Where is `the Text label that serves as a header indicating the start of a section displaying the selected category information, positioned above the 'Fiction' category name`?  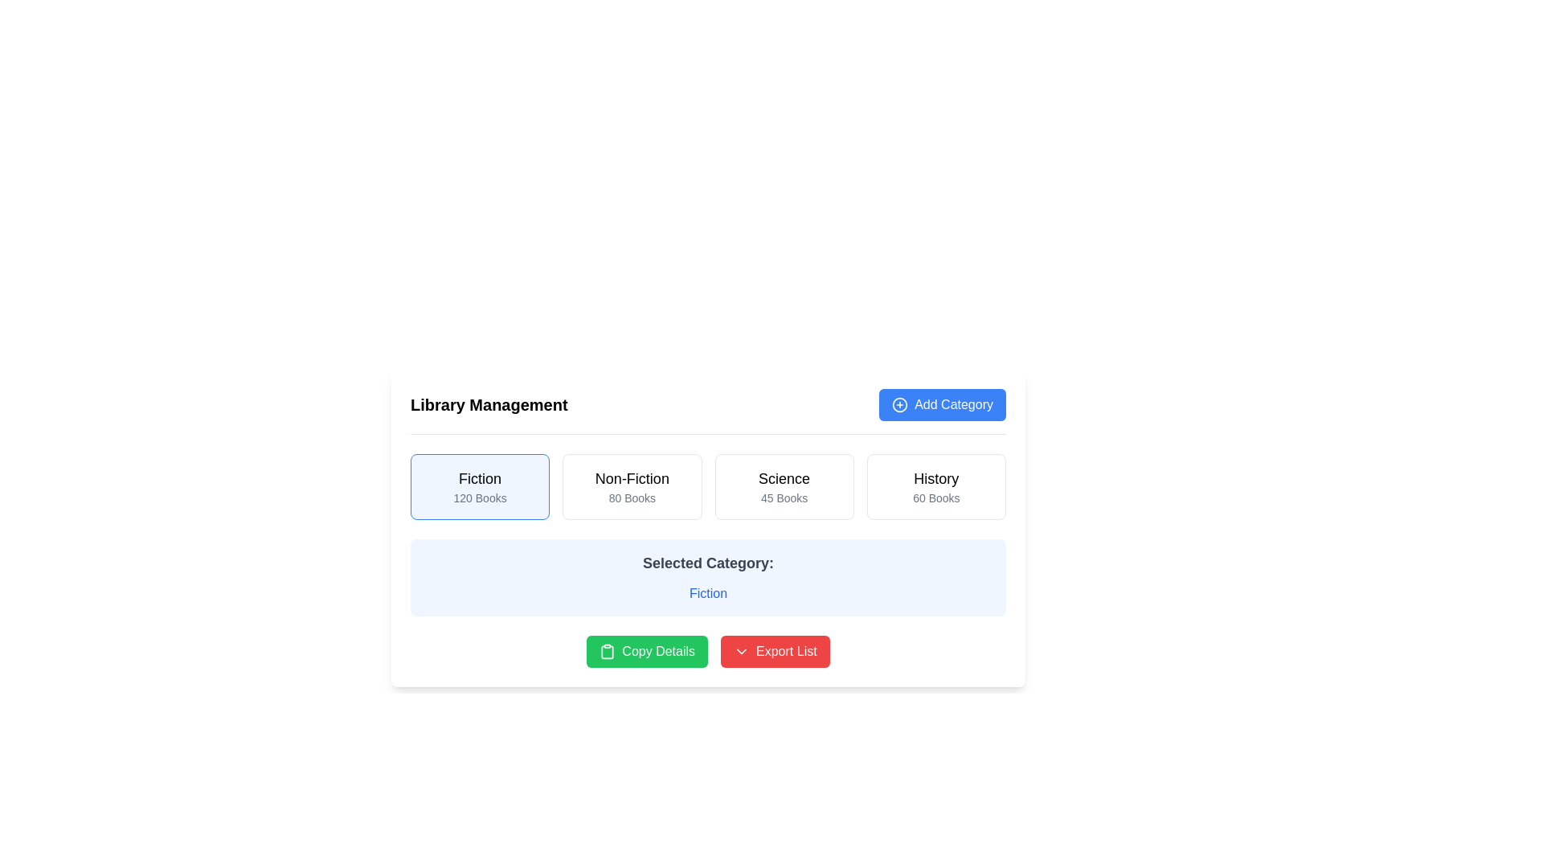 the Text label that serves as a header indicating the start of a section displaying the selected category information, positioned above the 'Fiction' category name is located at coordinates (707, 563).